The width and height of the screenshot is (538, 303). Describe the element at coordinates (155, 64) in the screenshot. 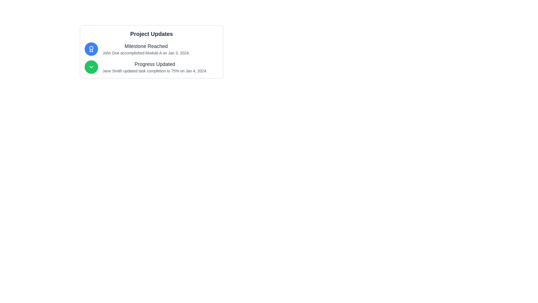

I see `the Text label that serves as the title or header for the content below, located above the text 'Jane Smith updated task completion to 75% on Jan 4, 2024.'` at that location.